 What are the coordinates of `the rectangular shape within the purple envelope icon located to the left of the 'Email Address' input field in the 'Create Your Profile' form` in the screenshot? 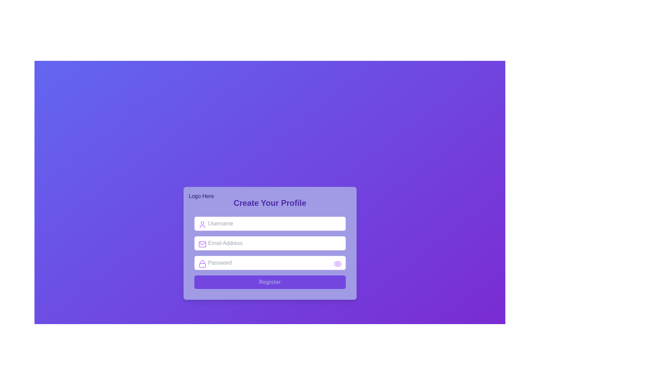 It's located at (202, 244).